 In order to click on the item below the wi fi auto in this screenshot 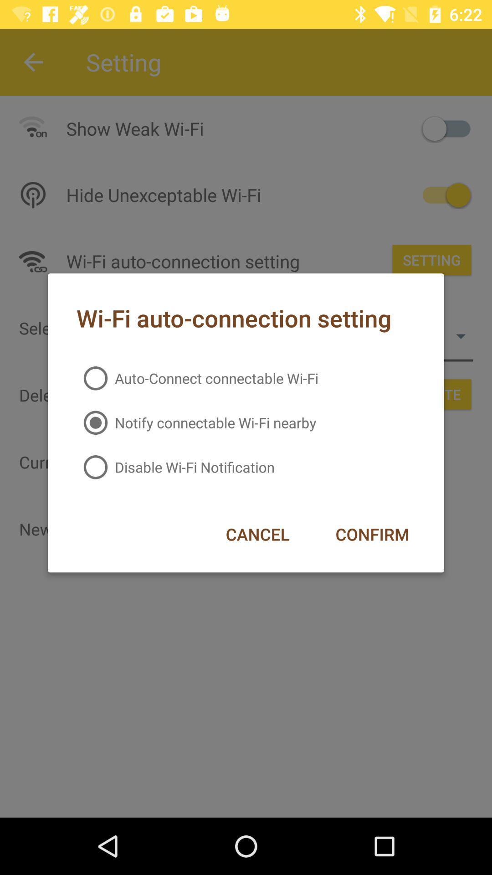, I will do `click(197, 378)`.